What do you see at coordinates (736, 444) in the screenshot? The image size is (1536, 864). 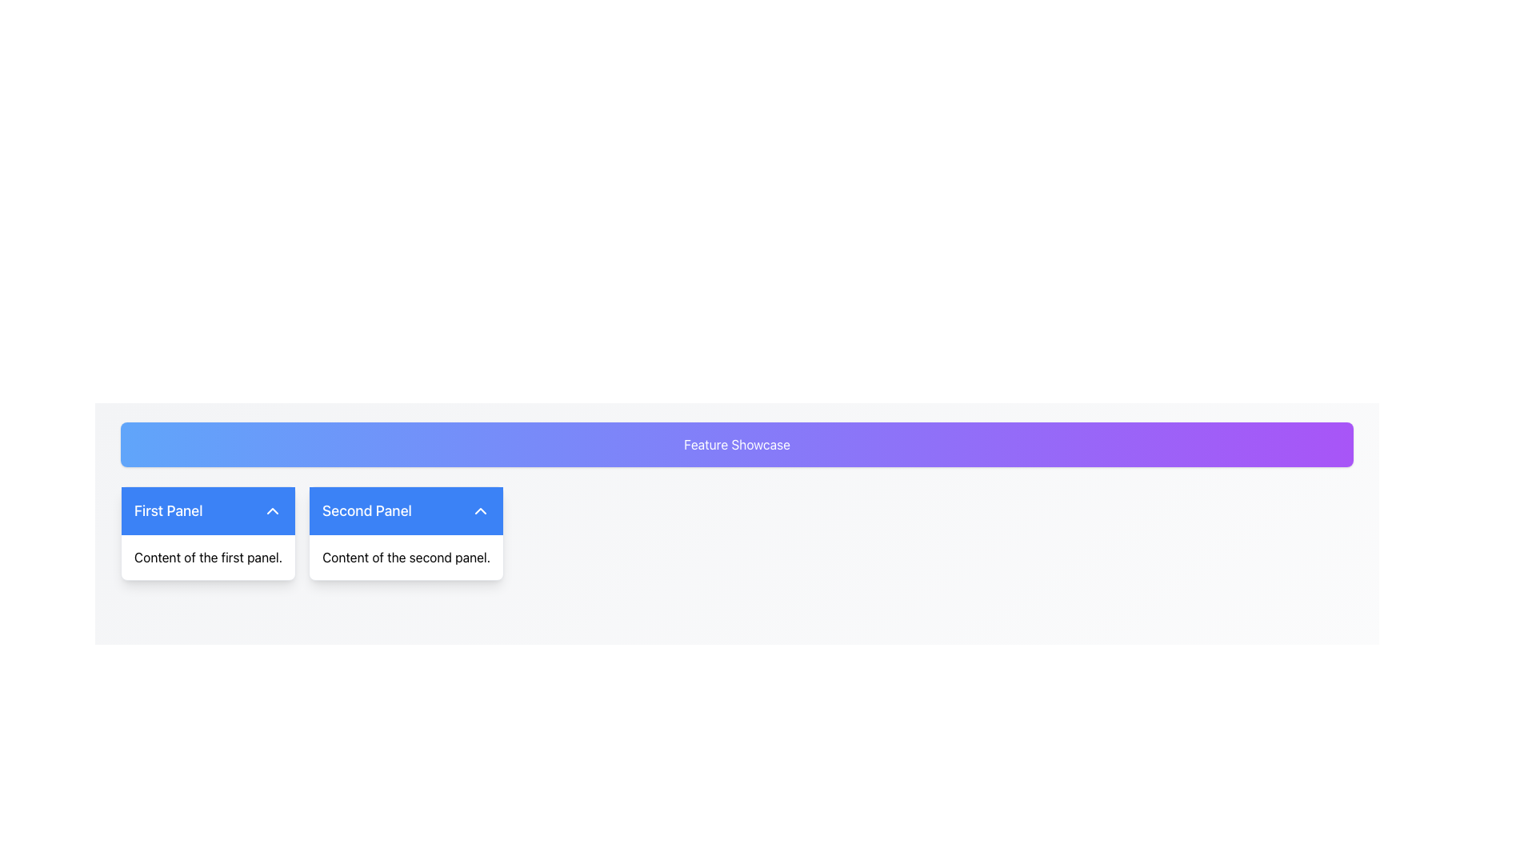 I see `the Text Banner that features a gradient background from blue to purple and displays the centered white text 'Feature Showcase'` at bounding box center [736, 444].